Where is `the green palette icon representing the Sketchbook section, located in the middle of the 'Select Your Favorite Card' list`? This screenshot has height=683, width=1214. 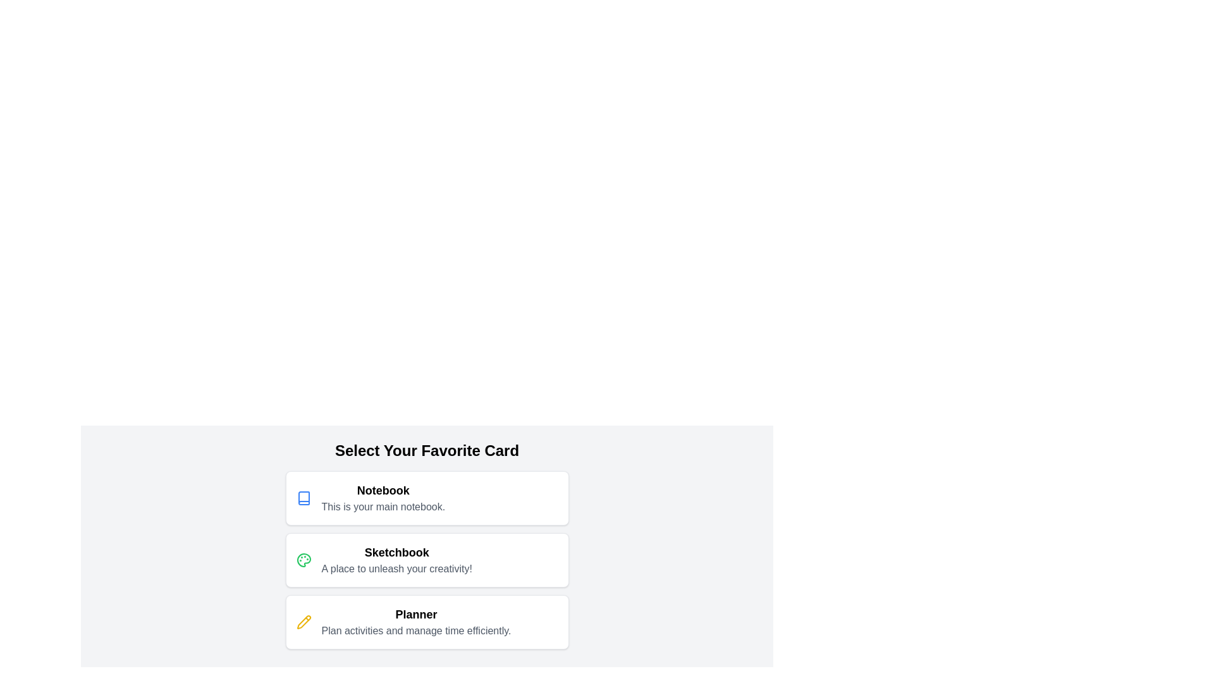
the green palette icon representing the Sketchbook section, located in the middle of the 'Select Your Favorite Card' list is located at coordinates (303, 560).